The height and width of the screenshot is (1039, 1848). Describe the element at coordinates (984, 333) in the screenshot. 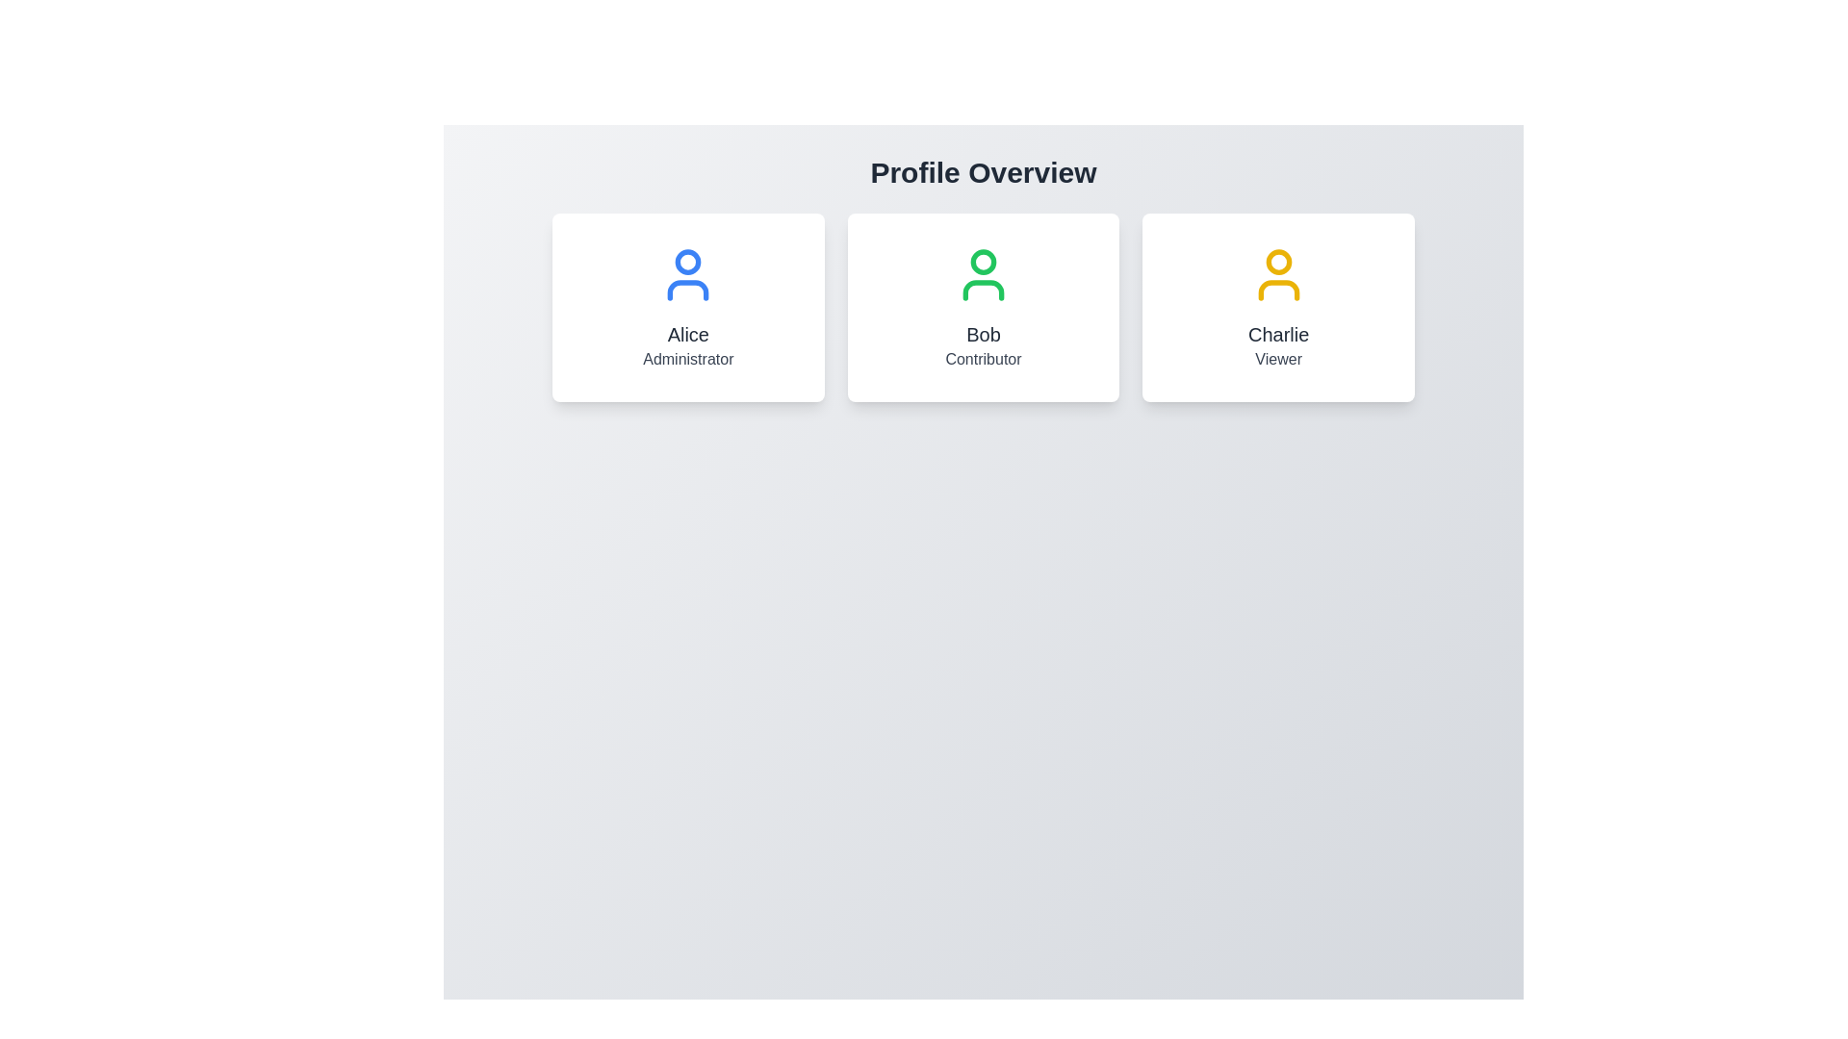

I see `the user name label 'Bob' which is located beneath an icon and above the text 'Contributor' within the user profile card layout` at that location.